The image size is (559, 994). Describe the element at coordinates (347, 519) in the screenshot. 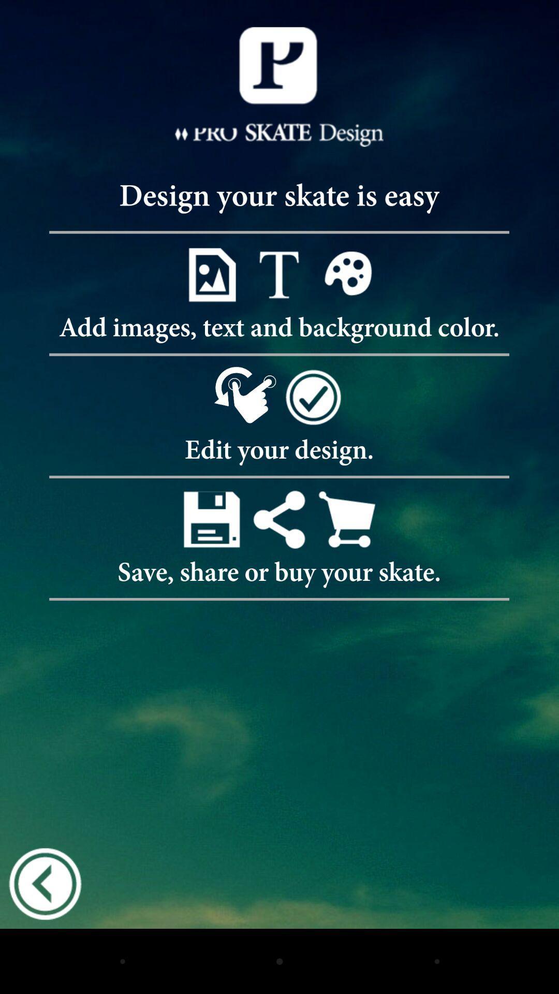

I see `your shopping cart and purchase` at that location.